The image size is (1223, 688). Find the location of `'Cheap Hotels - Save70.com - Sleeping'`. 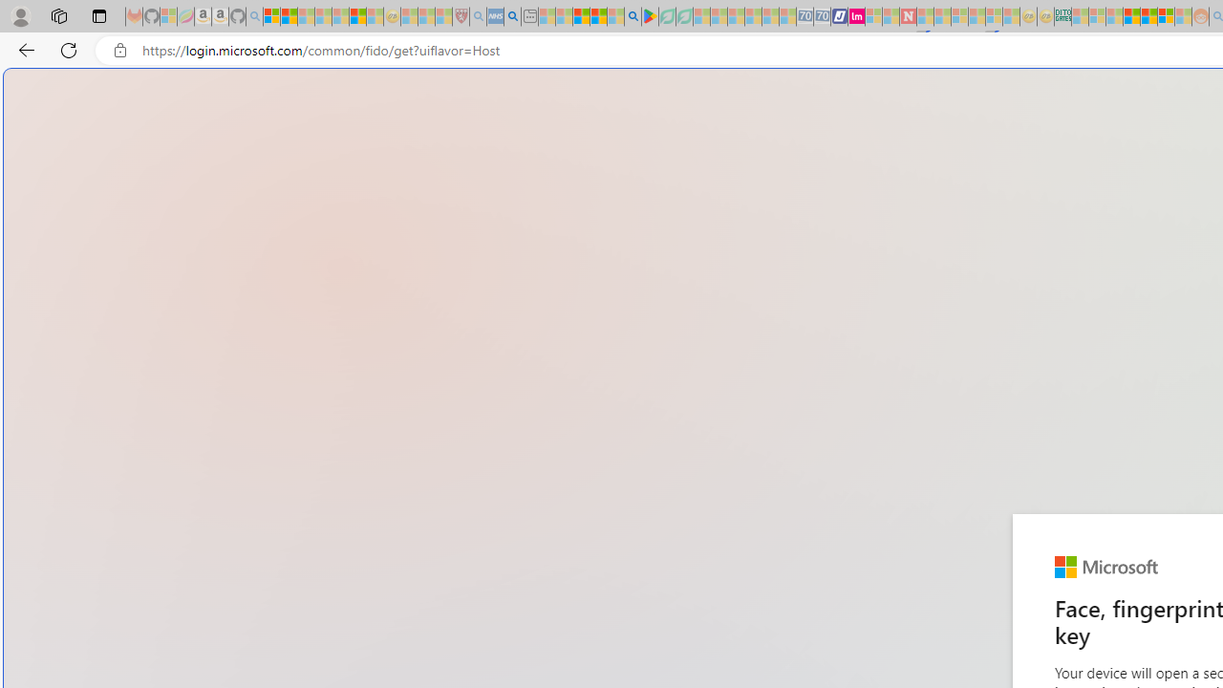

'Cheap Hotels - Save70.com - Sleeping' is located at coordinates (822, 16).